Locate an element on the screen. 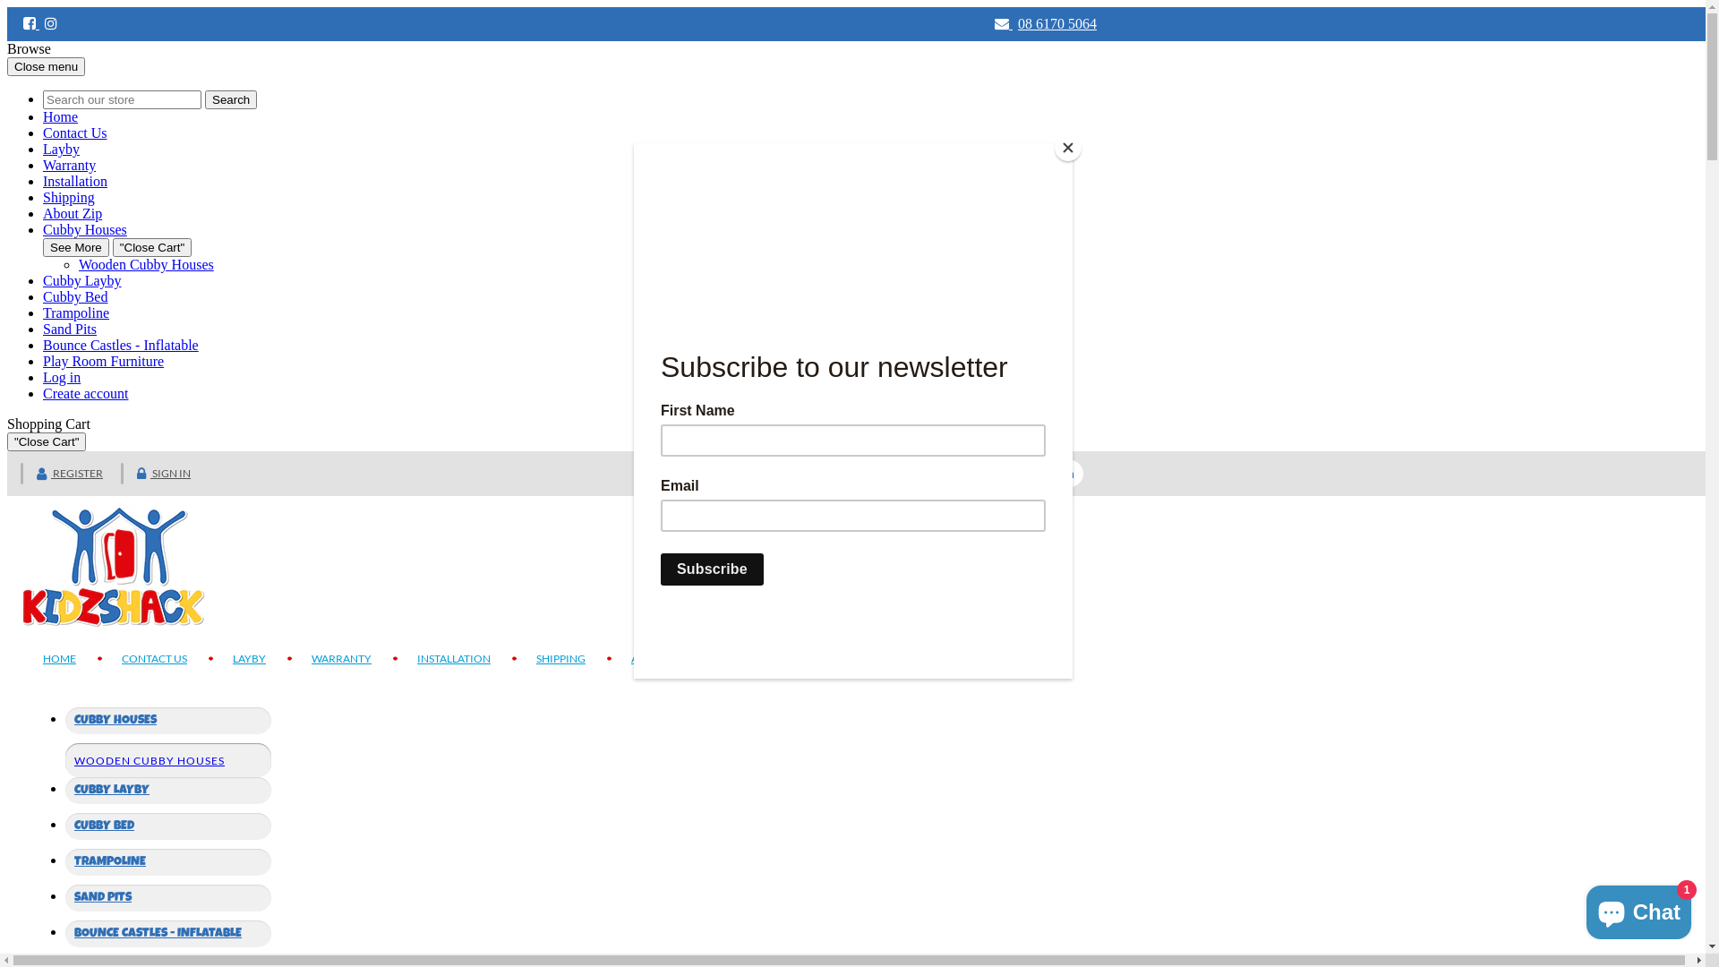 Image resolution: width=1719 pixels, height=967 pixels. 'CUBBY HOUSES' is located at coordinates (167, 720).